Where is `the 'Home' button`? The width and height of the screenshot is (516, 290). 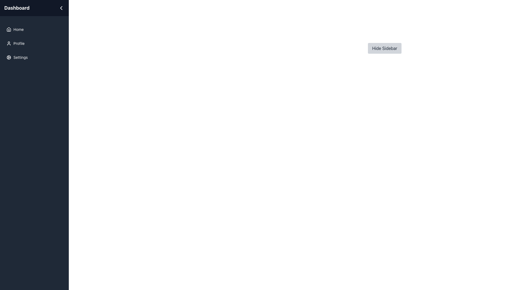
the 'Home' button is located at coordinates (34, 30).